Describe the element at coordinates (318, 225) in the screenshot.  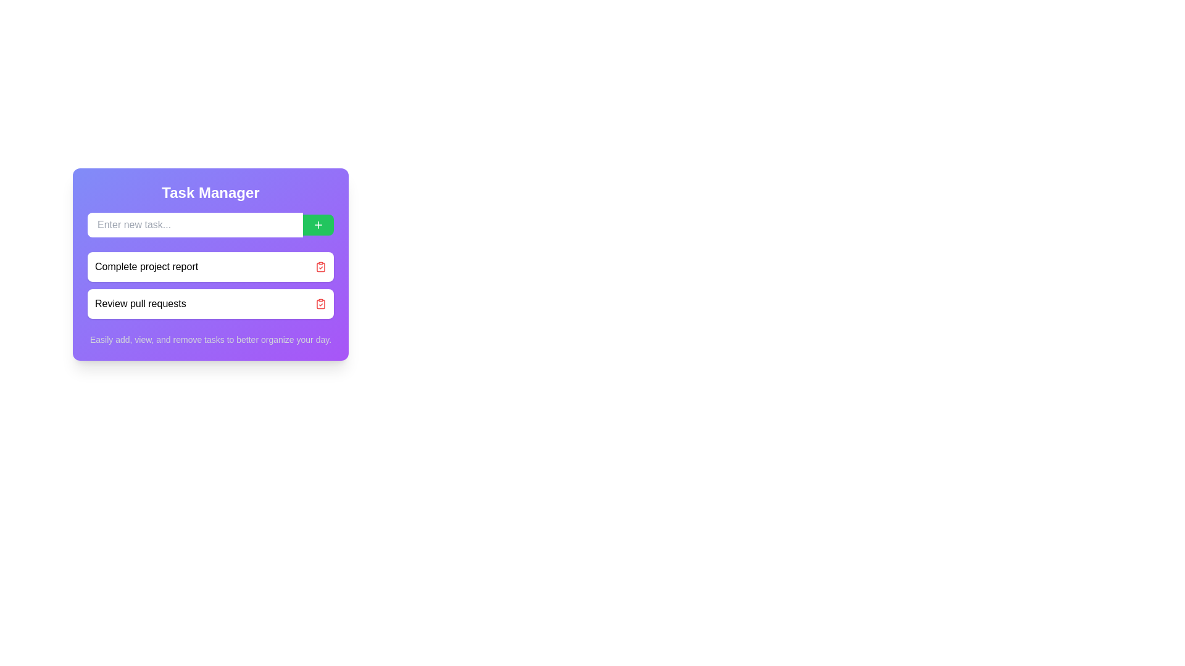
I see `the action button icon located in the top-right corner of the task manager interface` at that location.